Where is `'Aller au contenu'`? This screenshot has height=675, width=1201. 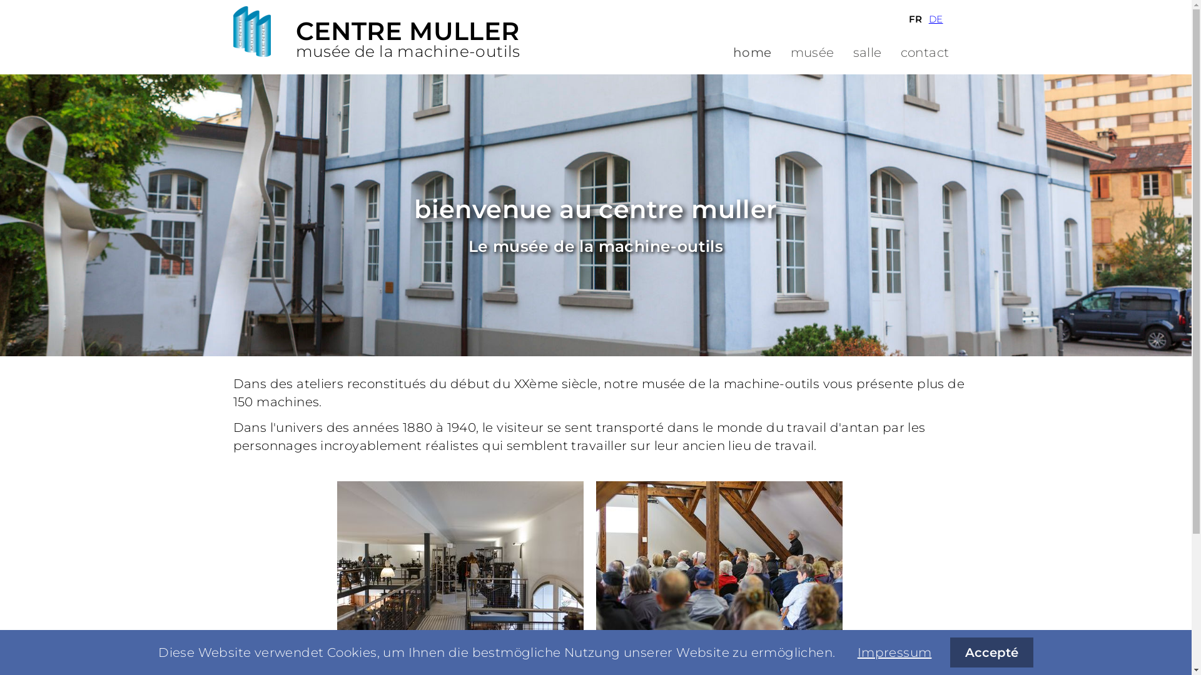
'Aller au contenu' is located at coordinates (233, 74).